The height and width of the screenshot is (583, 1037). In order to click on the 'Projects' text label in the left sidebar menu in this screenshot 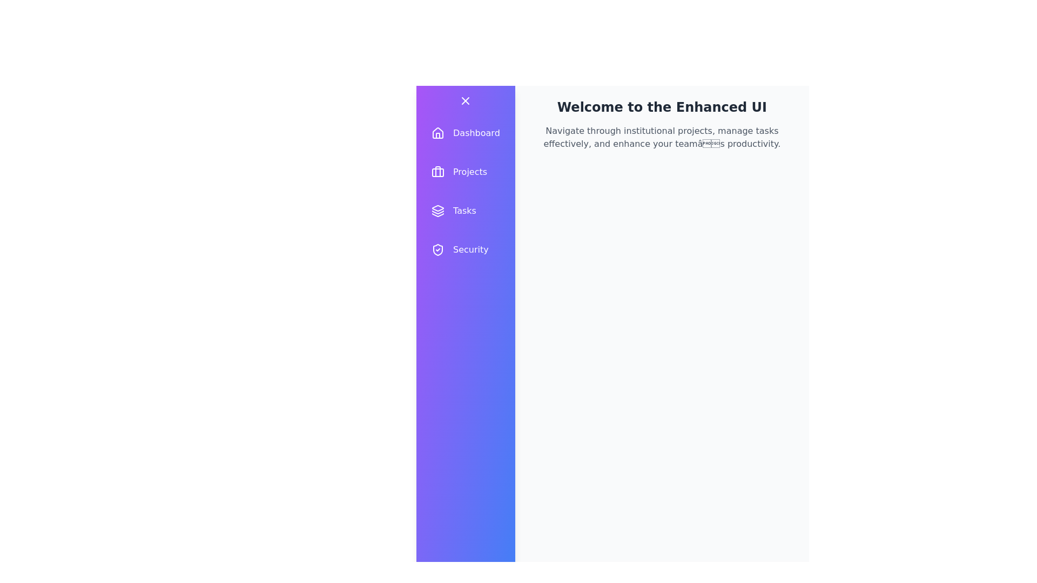, I will do `click(470, 172)`.